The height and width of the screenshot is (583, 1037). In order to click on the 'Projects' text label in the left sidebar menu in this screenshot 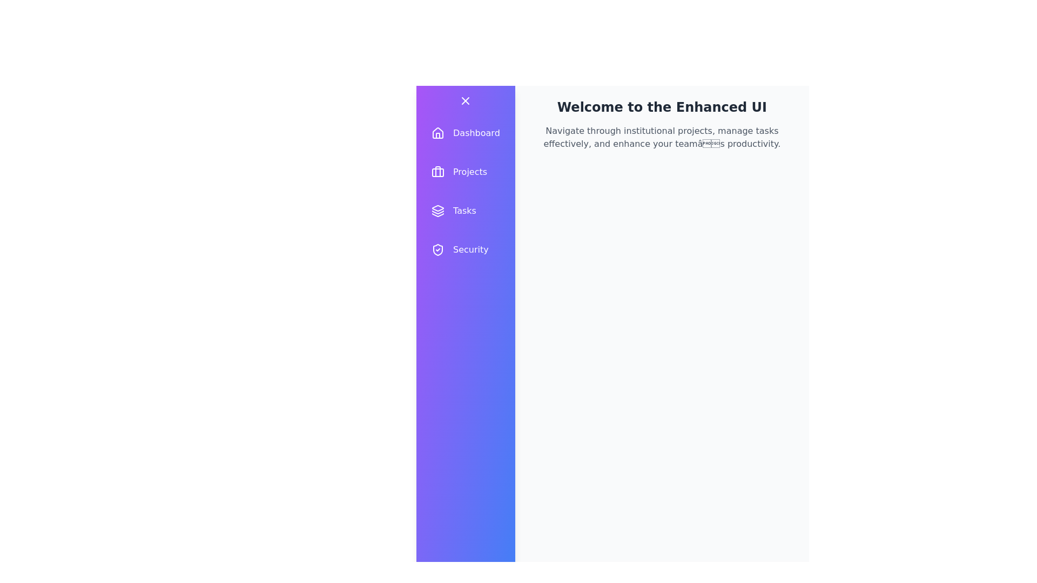, I will do `click(470, 172)`.